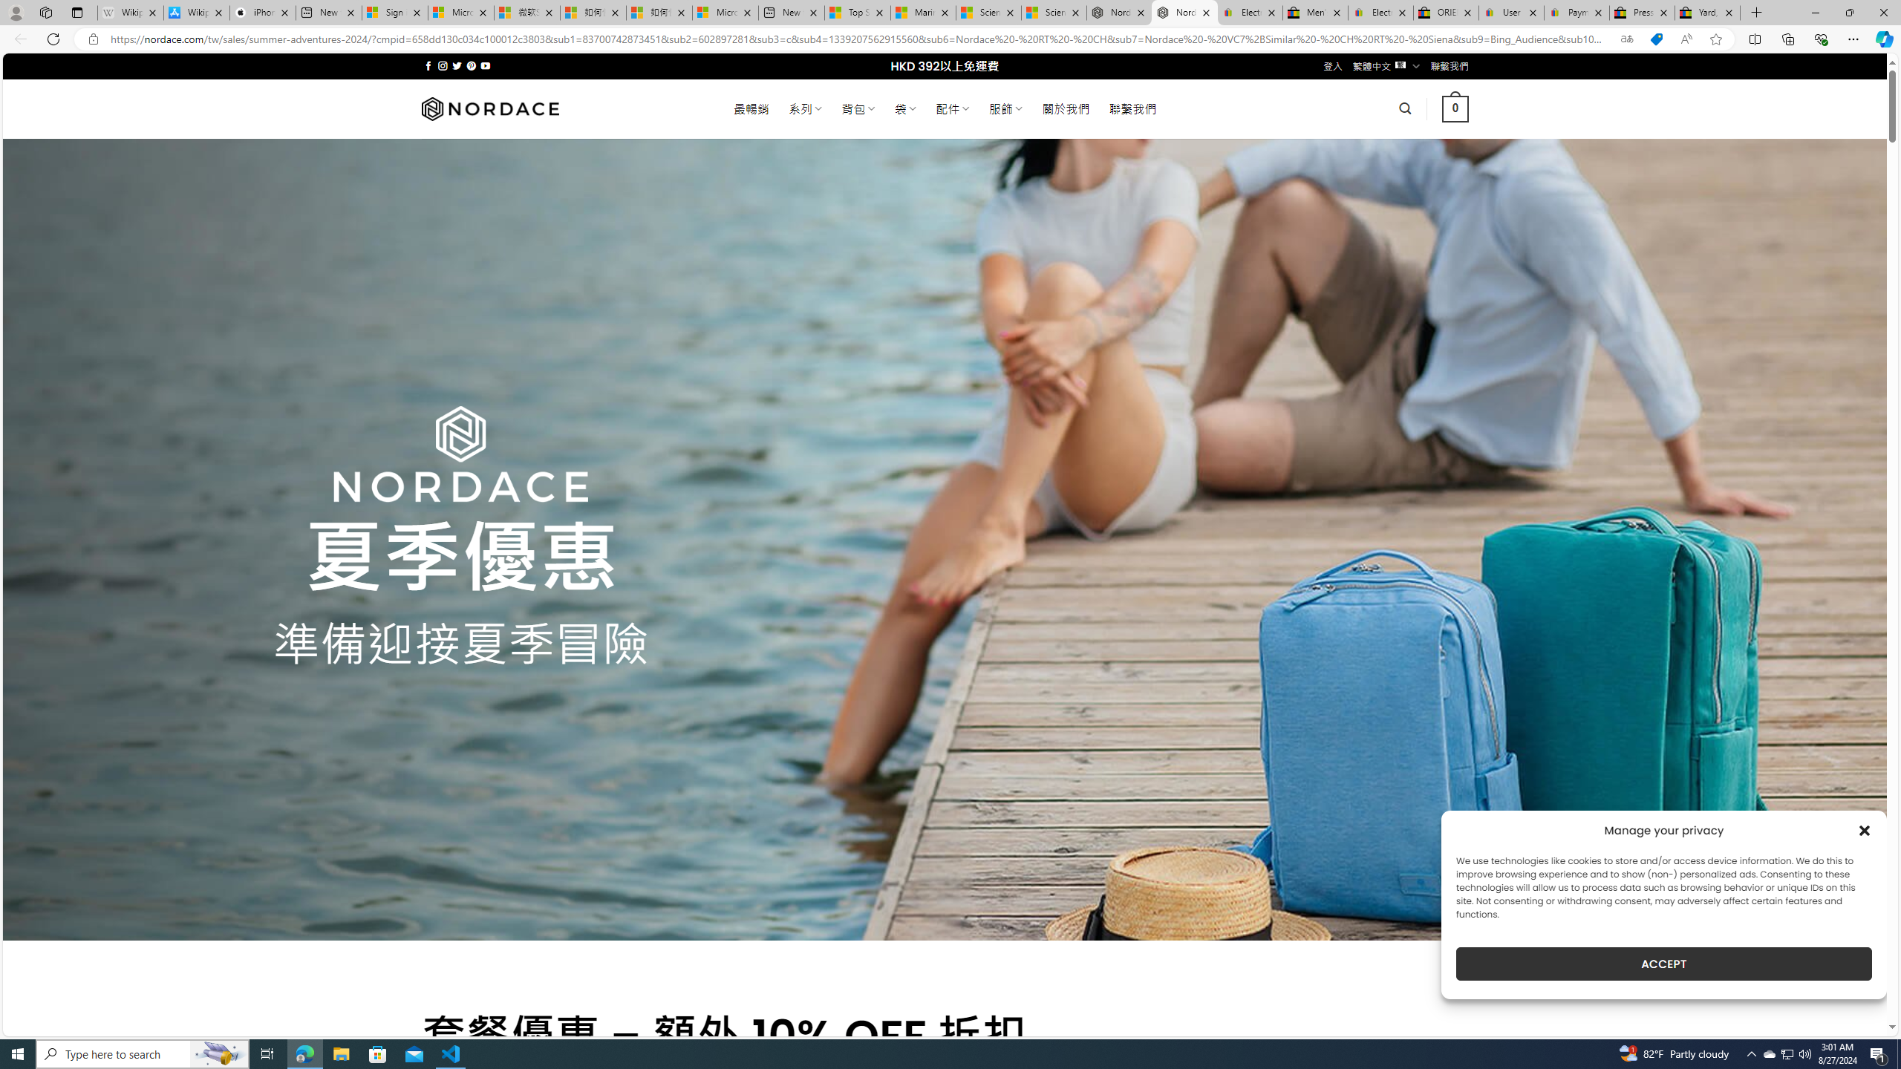  Describe the element at coordinates (489, 108) in the screenshot. I see `'Nordace'` at that location.